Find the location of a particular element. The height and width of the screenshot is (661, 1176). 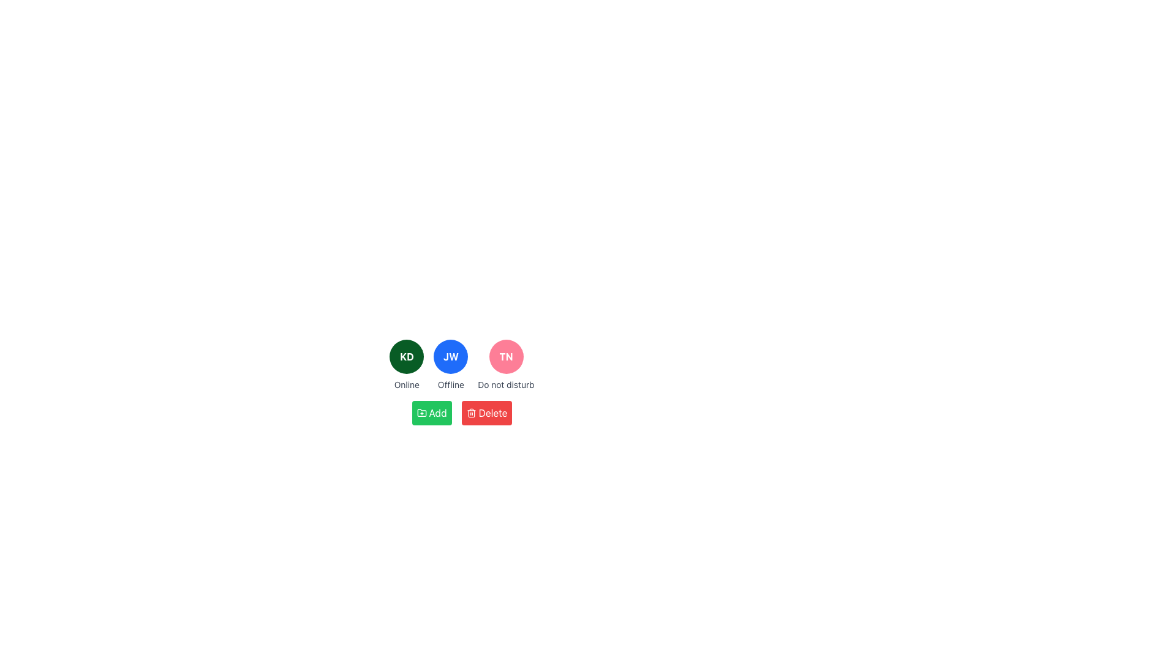

the green 'Add' button with a white folder icon and '+' symbol is located at coordinates (432, 413).